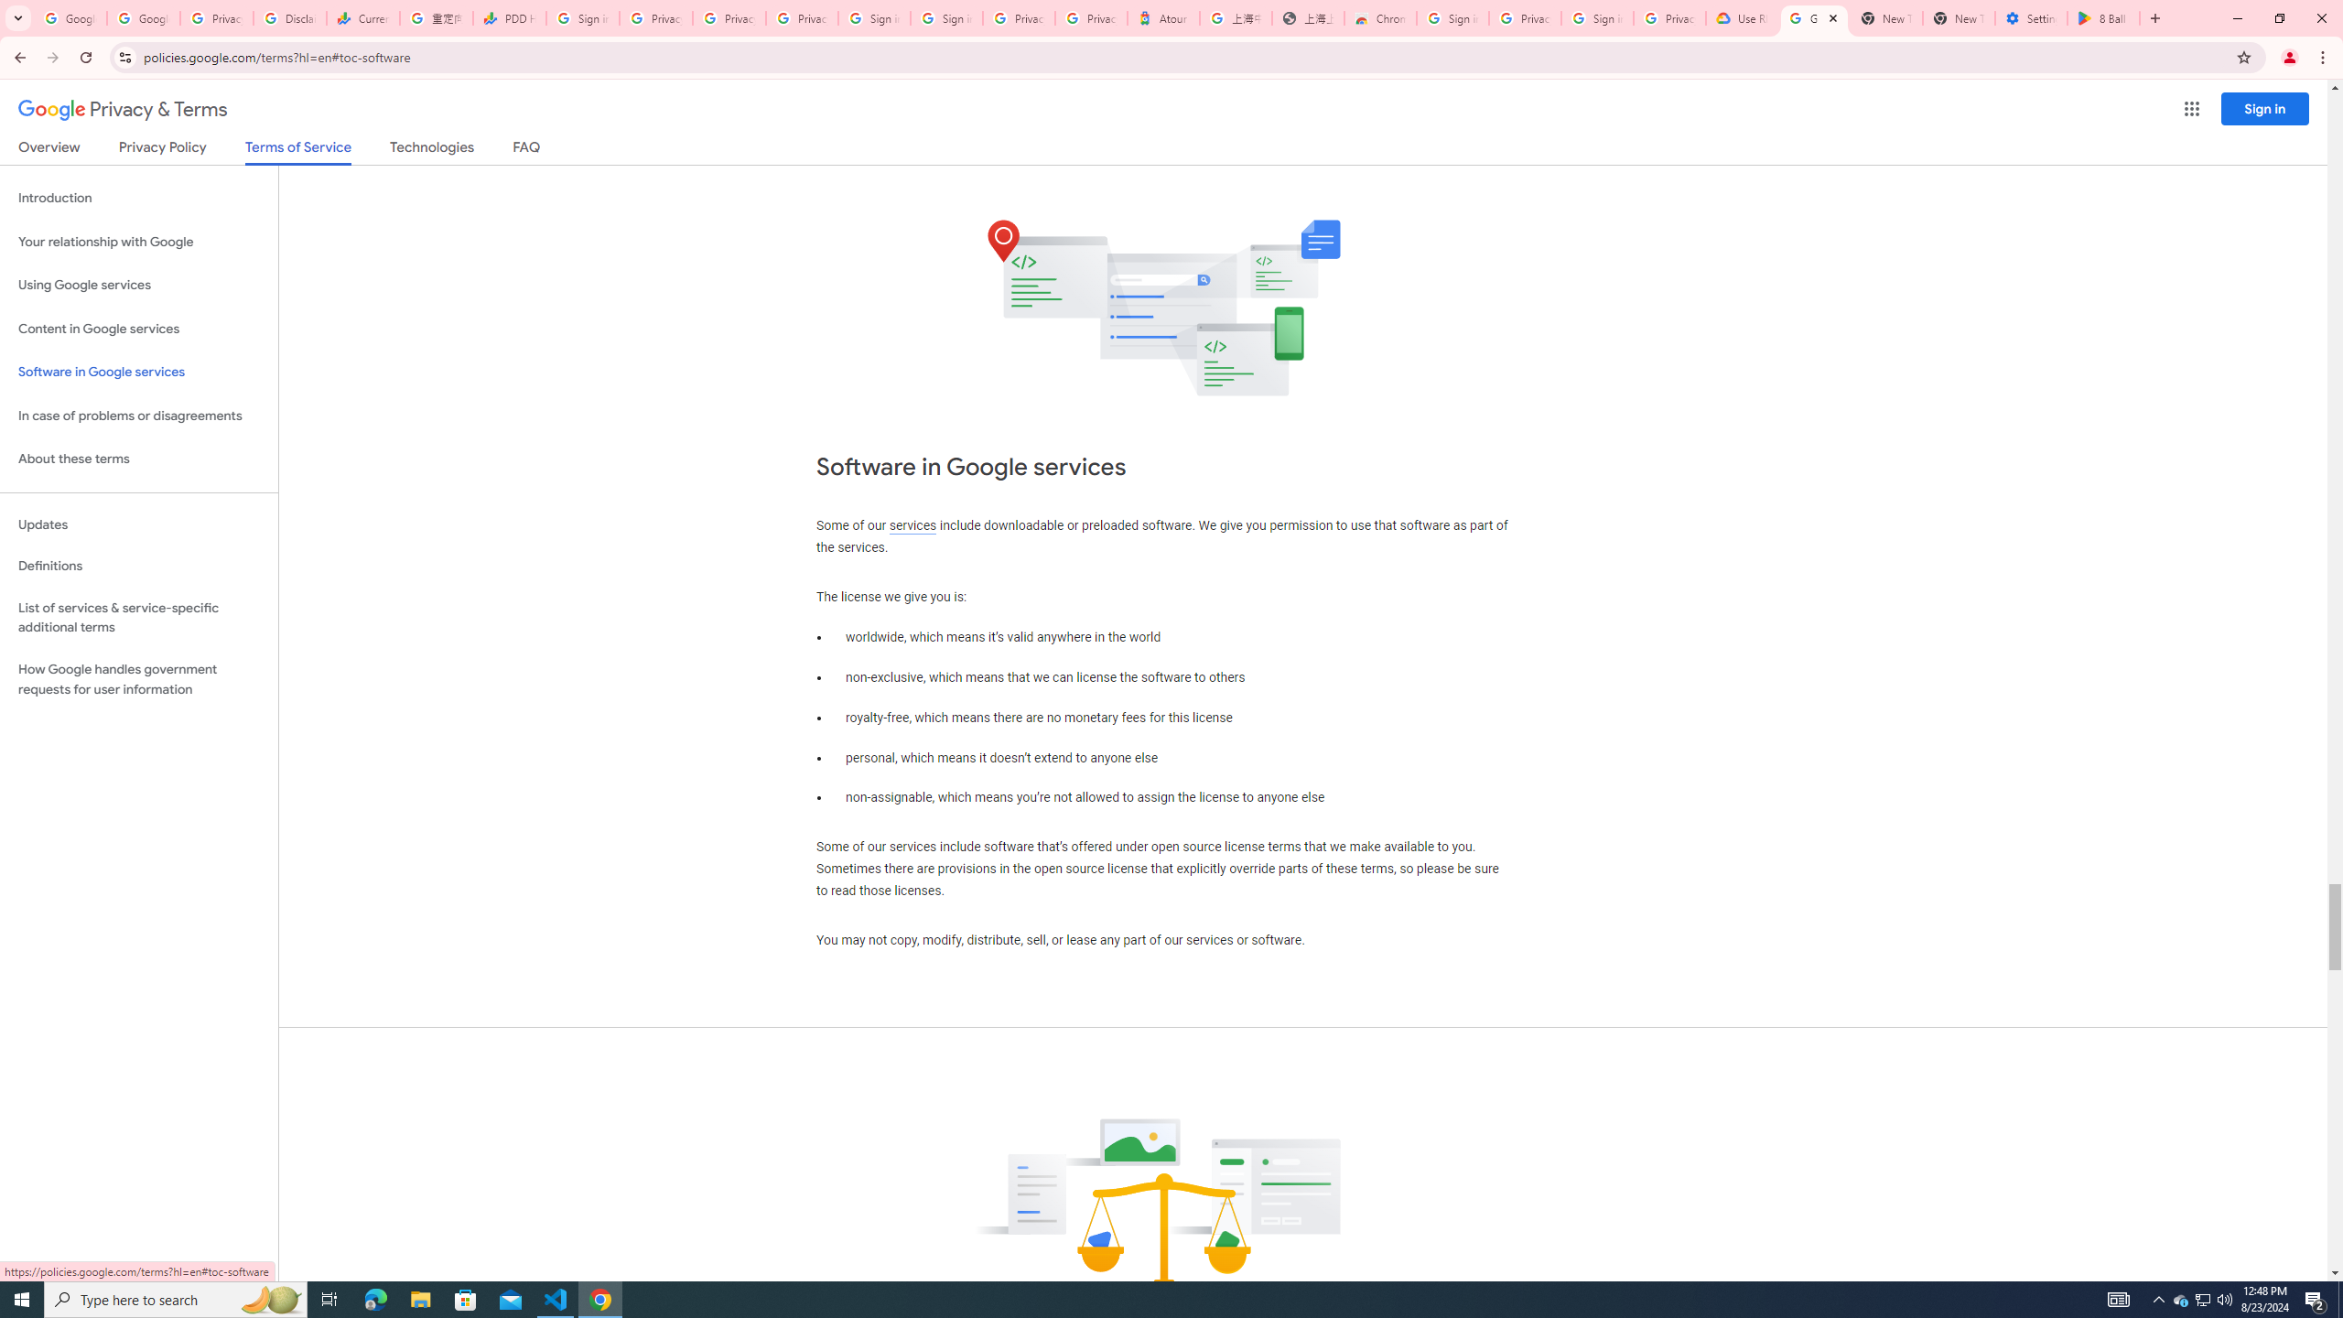  What do you see at coordinates (912, 525) in the screenshot?
I see `'services'` at bounding box center [912, 525].